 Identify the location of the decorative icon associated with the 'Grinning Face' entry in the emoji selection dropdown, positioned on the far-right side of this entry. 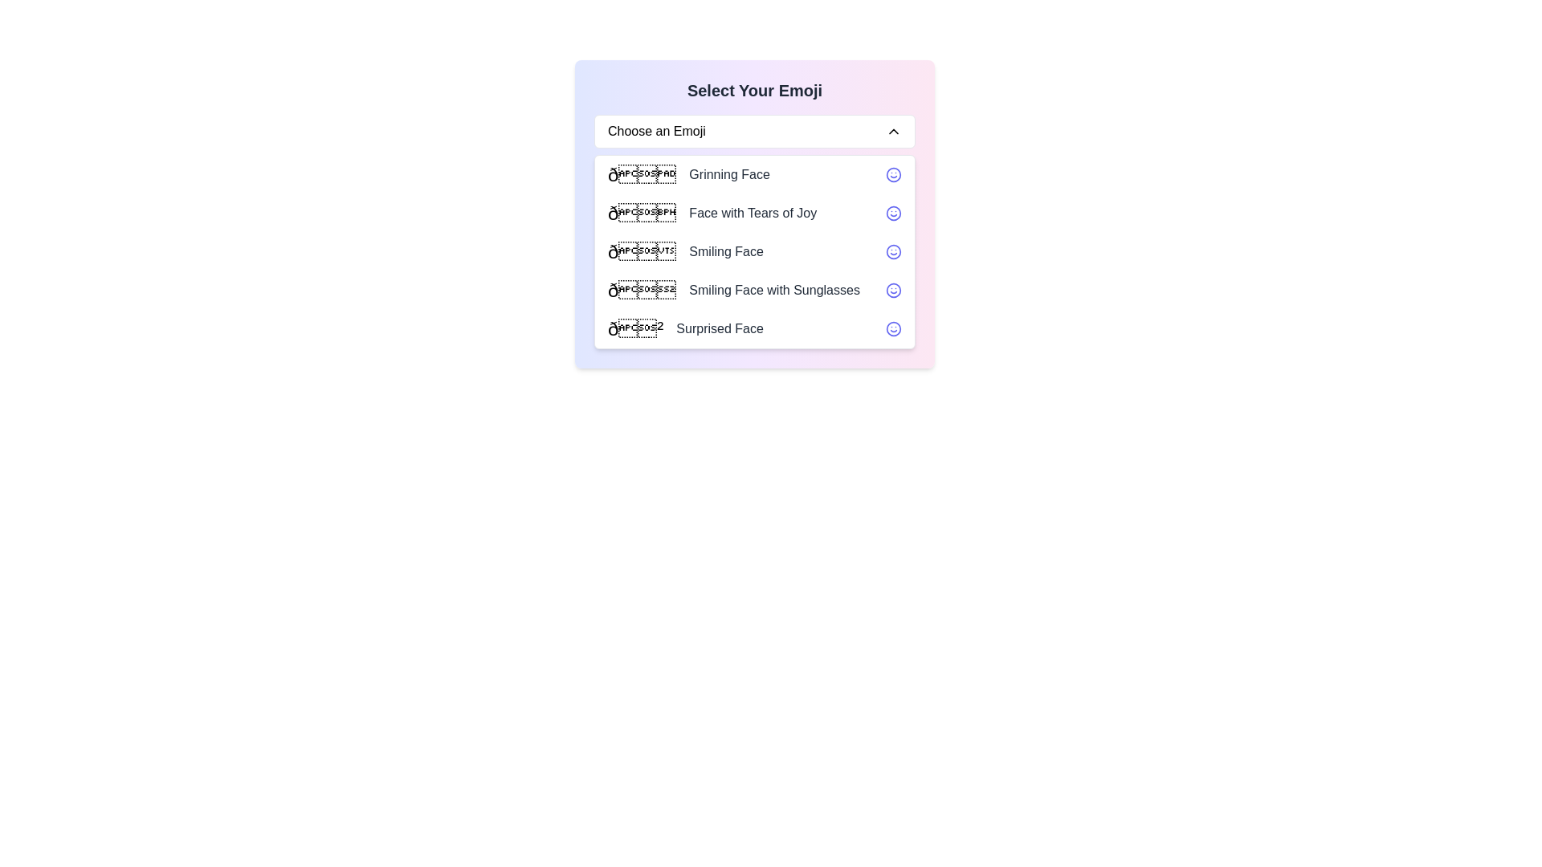
(893, 175).